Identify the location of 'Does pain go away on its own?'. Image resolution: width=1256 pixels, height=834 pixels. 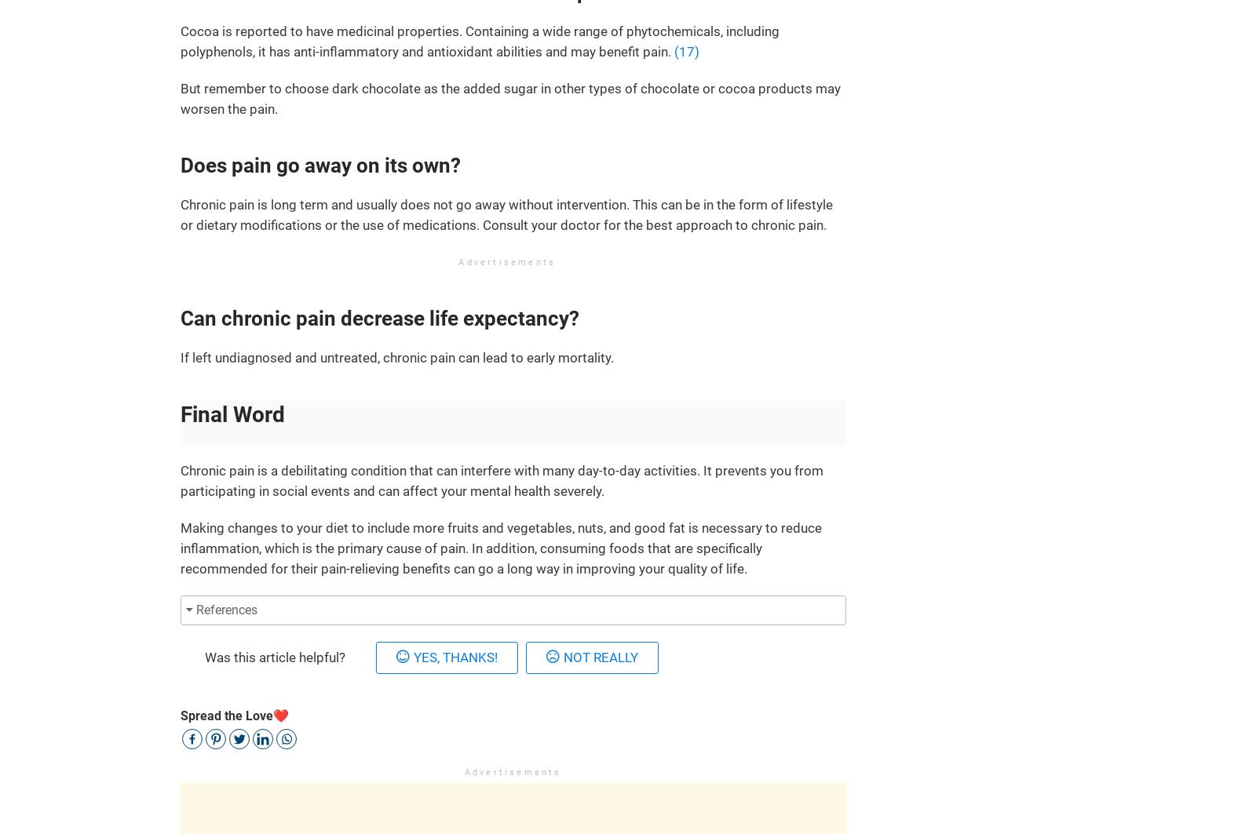
(319, 165).